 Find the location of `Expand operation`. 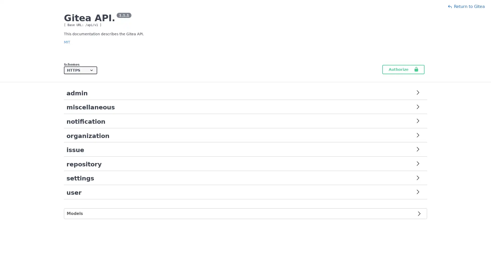

Expand operation is located at coordinates (418, 135).